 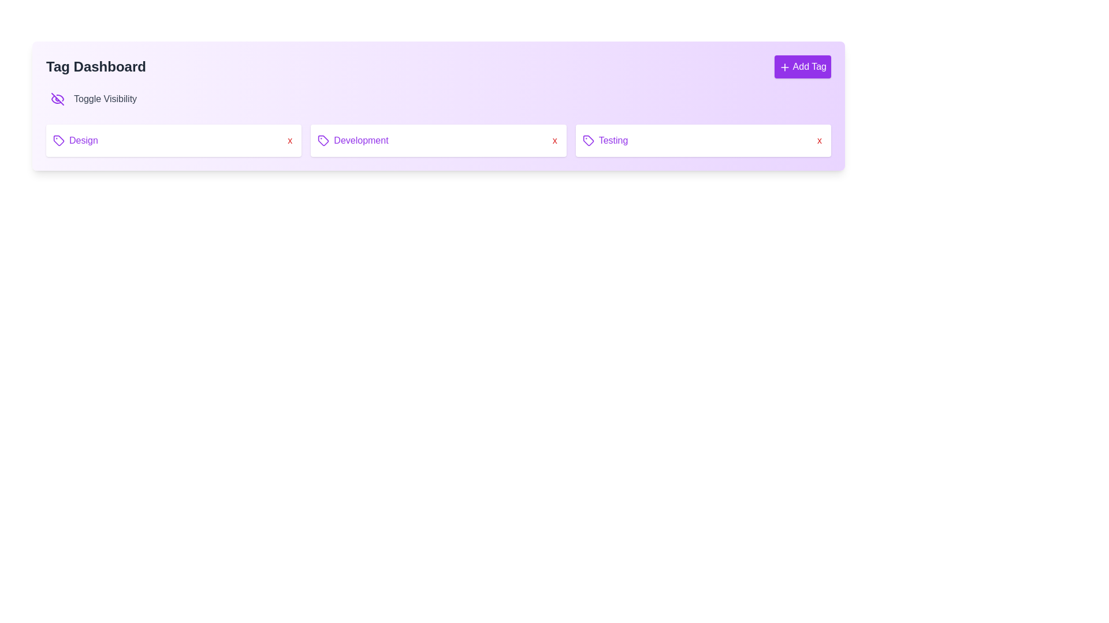 I want to click on the purple tag icon with a thin outline and a small dot near its center, which is positioned to the left of the 'Development' text label, so click(x=323, y=140).